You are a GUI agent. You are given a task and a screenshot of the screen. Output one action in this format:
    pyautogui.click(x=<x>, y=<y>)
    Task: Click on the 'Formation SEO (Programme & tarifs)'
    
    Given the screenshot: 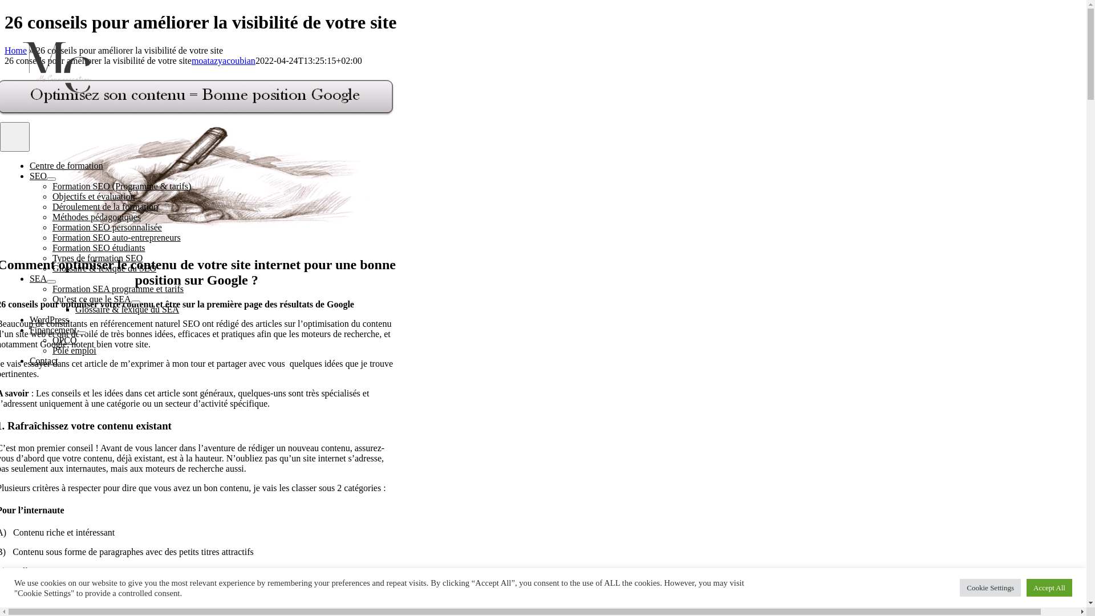 What is the action you would take?
    pyautogui.click(x=51, y=185)
    